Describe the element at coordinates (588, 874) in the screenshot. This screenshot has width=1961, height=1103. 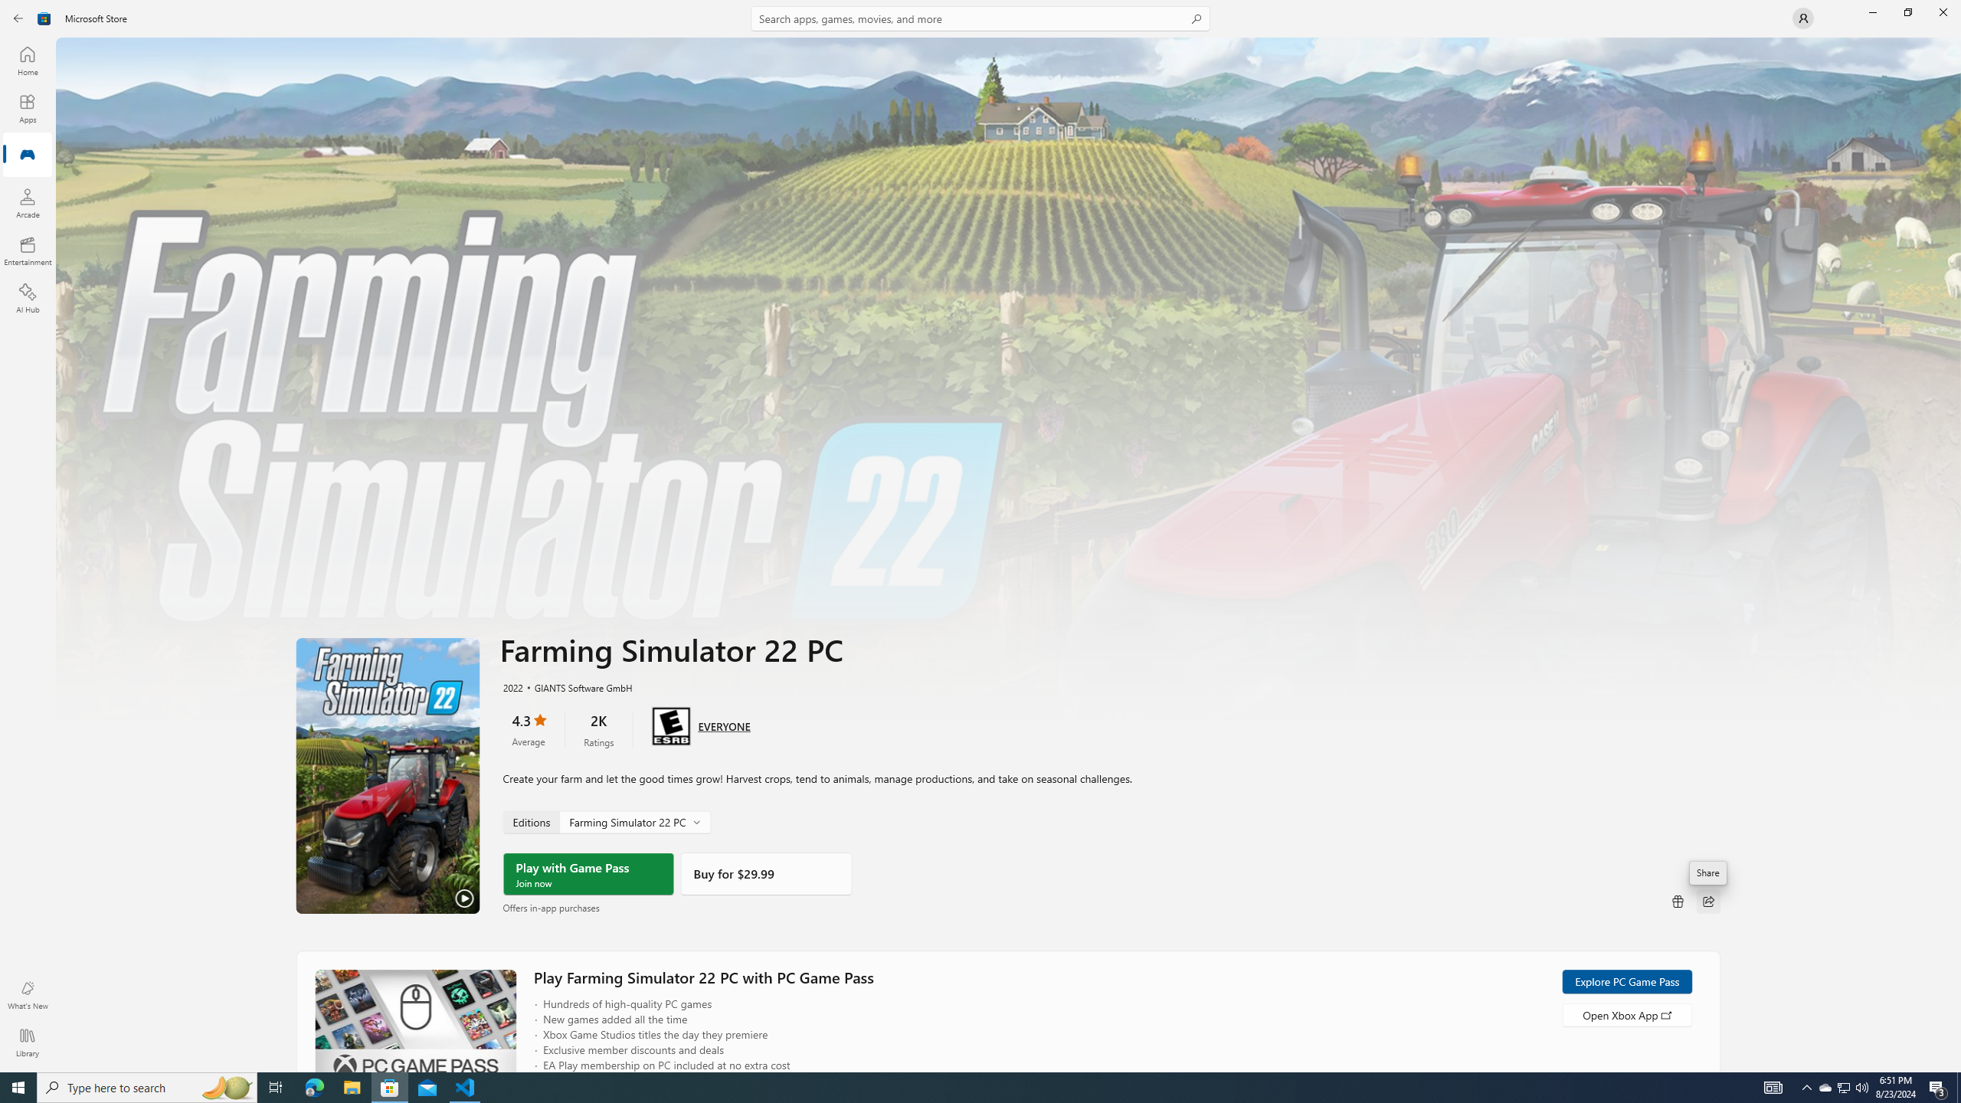
I see `'Play with Game Pass'` at that location.